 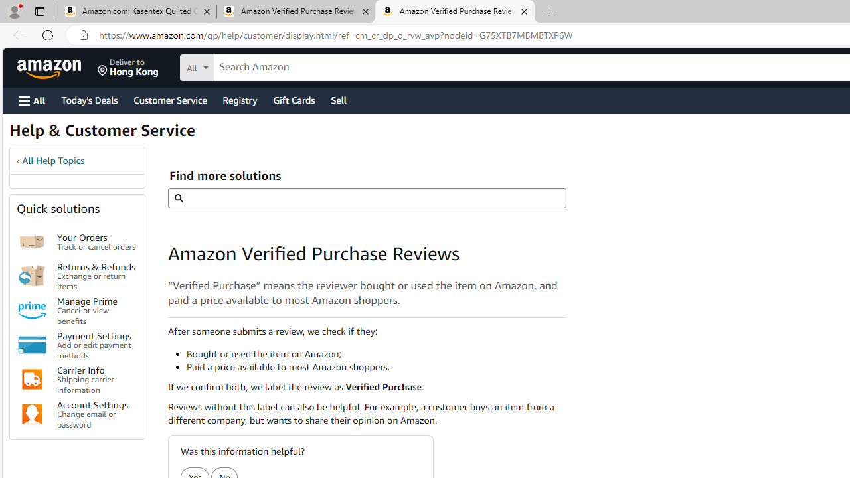 I want to click on 'Returns & Refunds Exchange or return items', so click(x=96, y=275).